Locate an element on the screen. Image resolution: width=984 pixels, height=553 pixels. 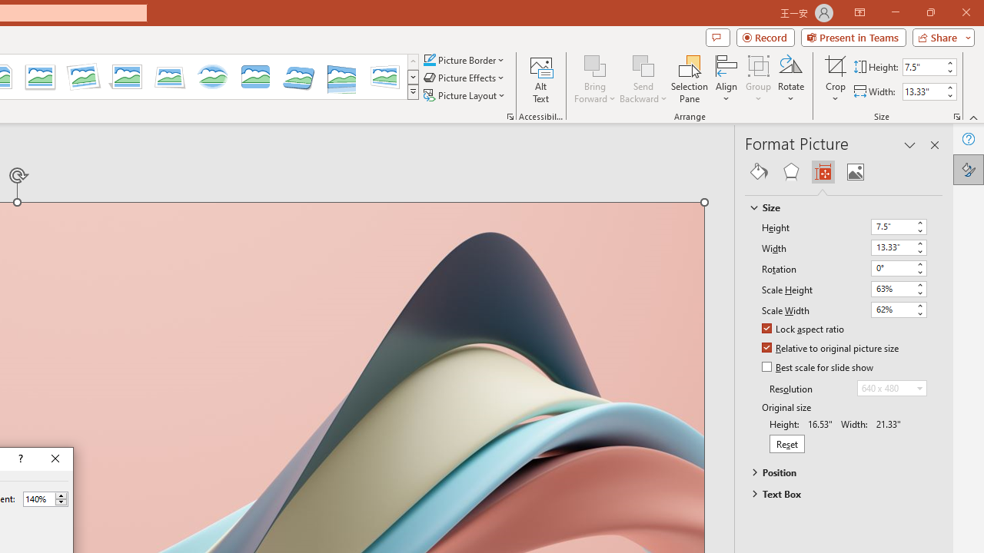
'Width' is located at coordinates (899, 247).